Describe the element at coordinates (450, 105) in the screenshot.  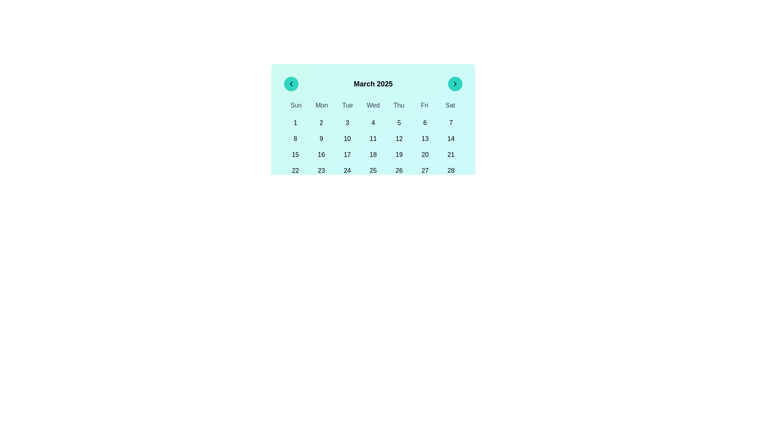
I see `the text label displaying 'Sat', which is the seventh element in the list of days at the top of the calendar interface` at that location.